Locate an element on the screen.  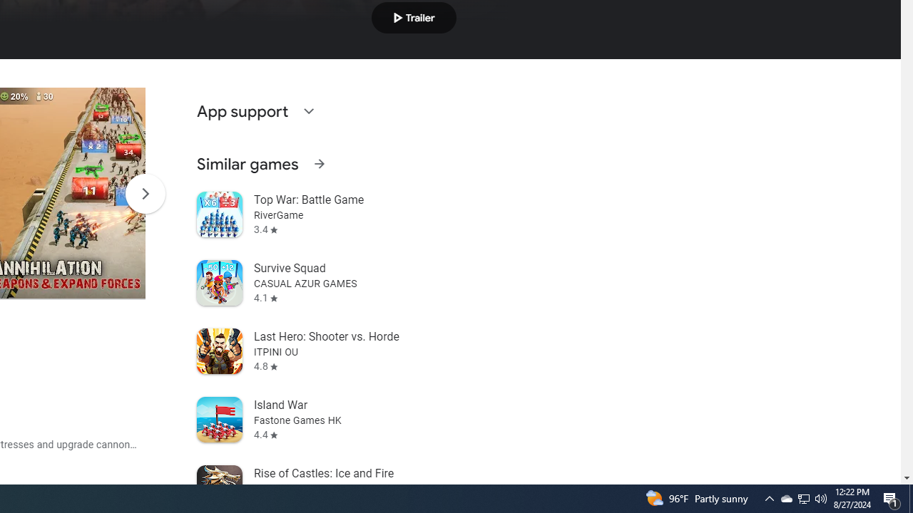
'Play trailer' is located at coordinates (413, 17).